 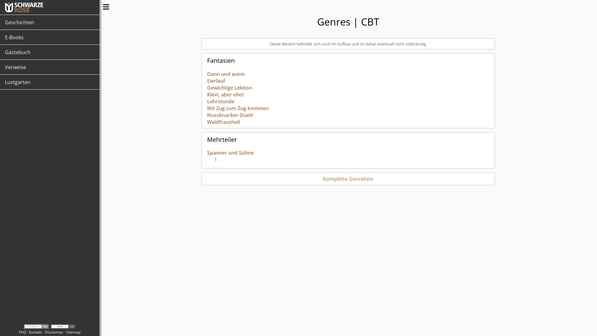 I want to click on 'Restricted to Adults', so click(x=63, y=326).